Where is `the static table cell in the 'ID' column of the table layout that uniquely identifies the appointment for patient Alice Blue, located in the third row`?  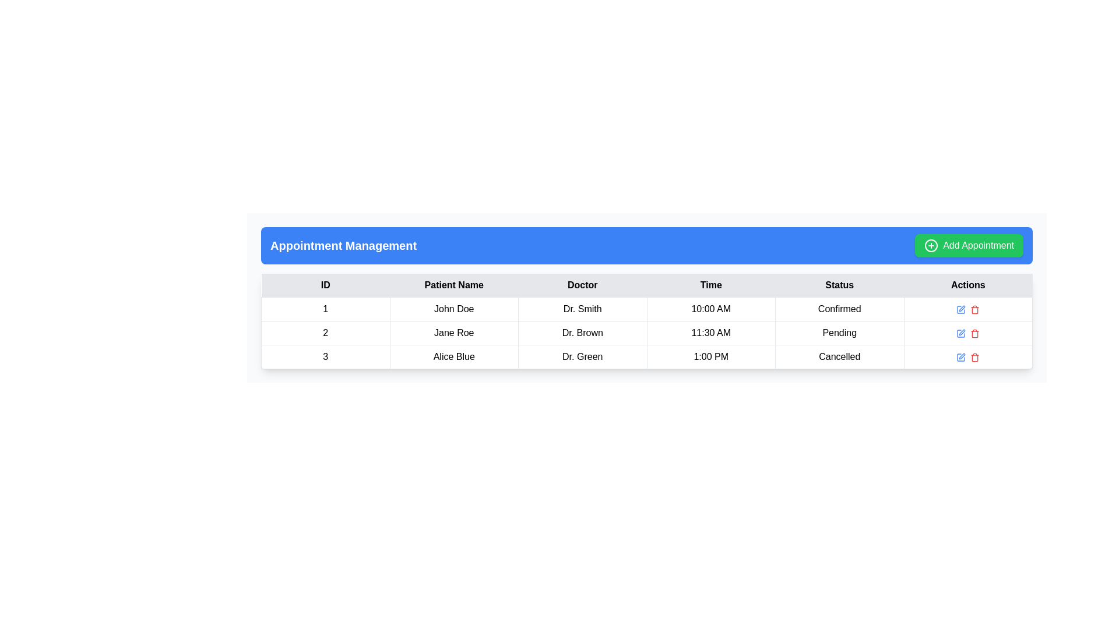 the static table cell in the 'ID' column of the table layout that uniquely identifies the appointment for patient Alice Blue, located in the third row is located at coordinates (325, 356).